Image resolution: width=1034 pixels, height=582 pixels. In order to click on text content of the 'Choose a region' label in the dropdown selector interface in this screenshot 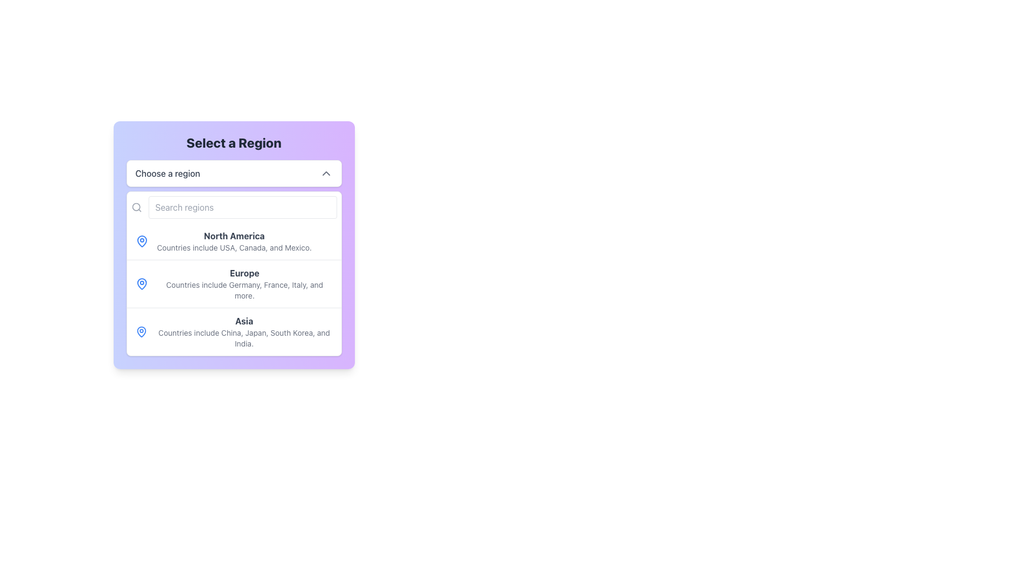, I will do `click(167, 172)`.